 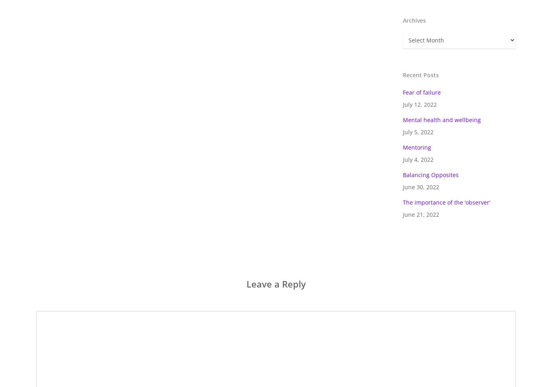 I want to click on 'Leave a Reply', so click(x=245, y=283).